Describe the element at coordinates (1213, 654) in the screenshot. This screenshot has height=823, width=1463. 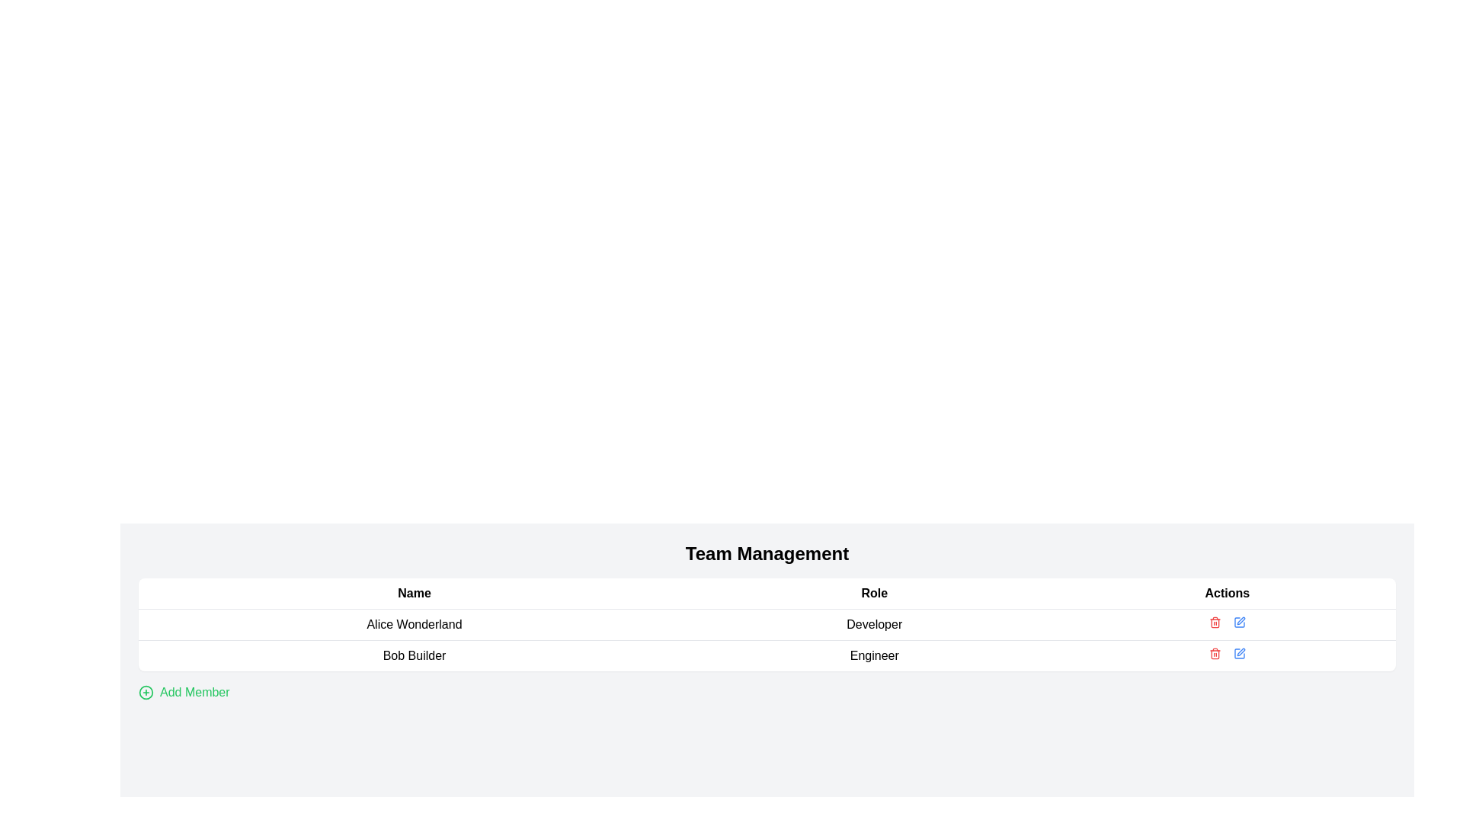
I see `the trash bin icon within the Actions column for the row corresponding to 'Bob Builder'` at that location.